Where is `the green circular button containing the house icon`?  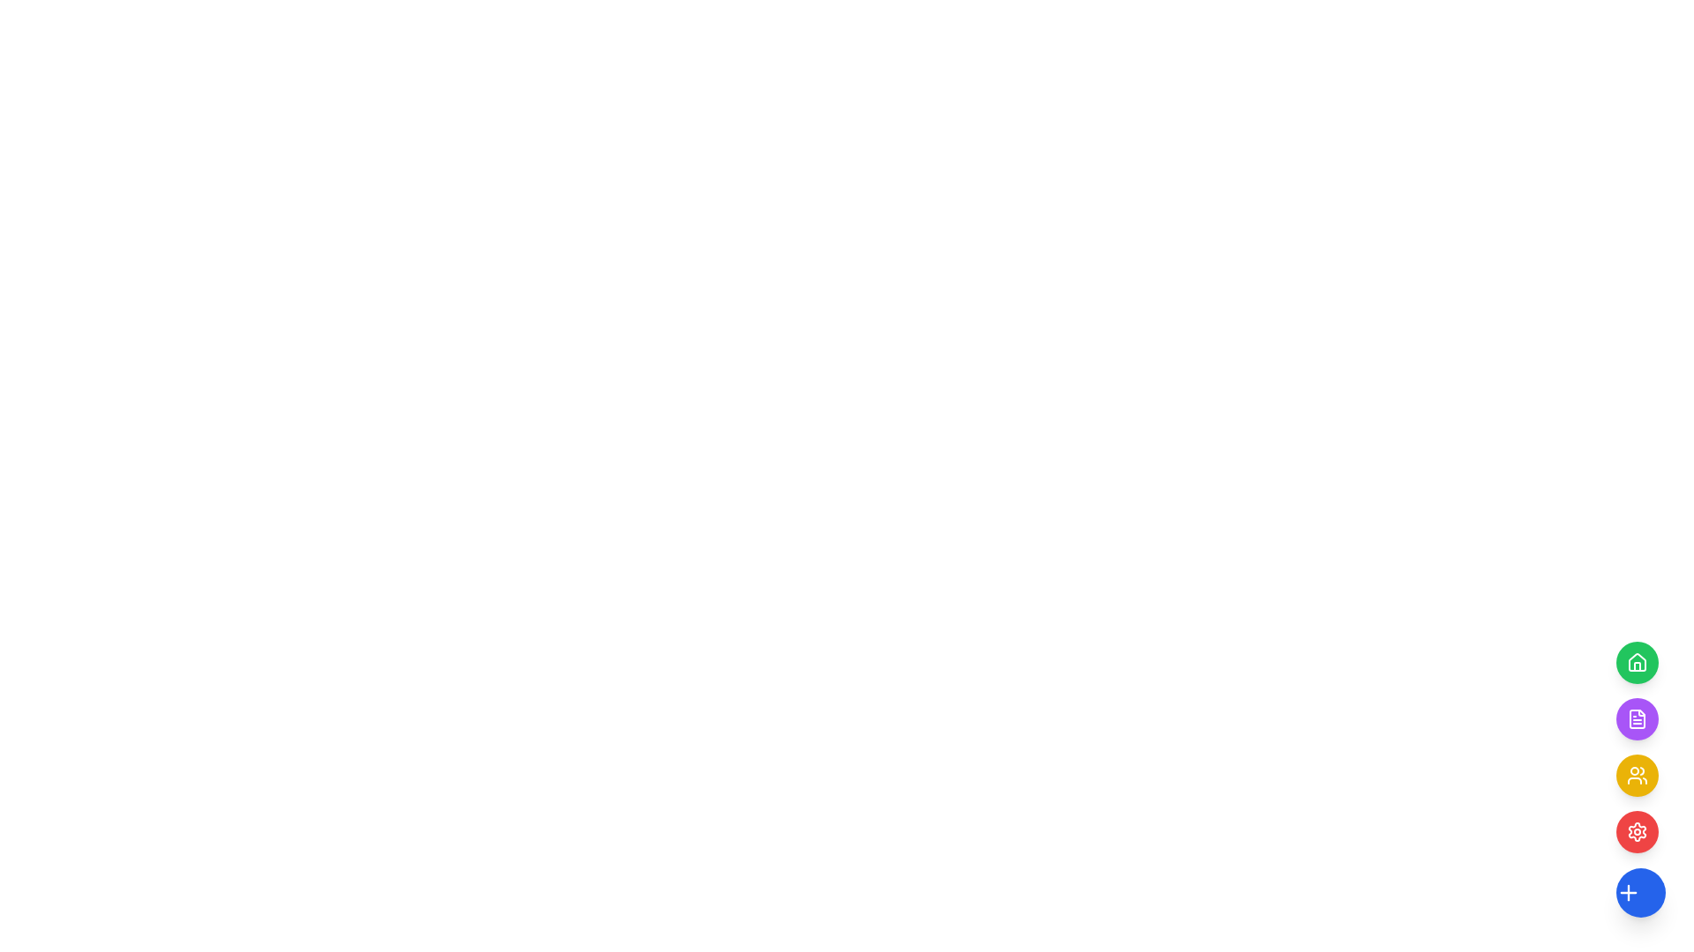
the green circular button containing the house icon is located at coordinates (1637, 662).